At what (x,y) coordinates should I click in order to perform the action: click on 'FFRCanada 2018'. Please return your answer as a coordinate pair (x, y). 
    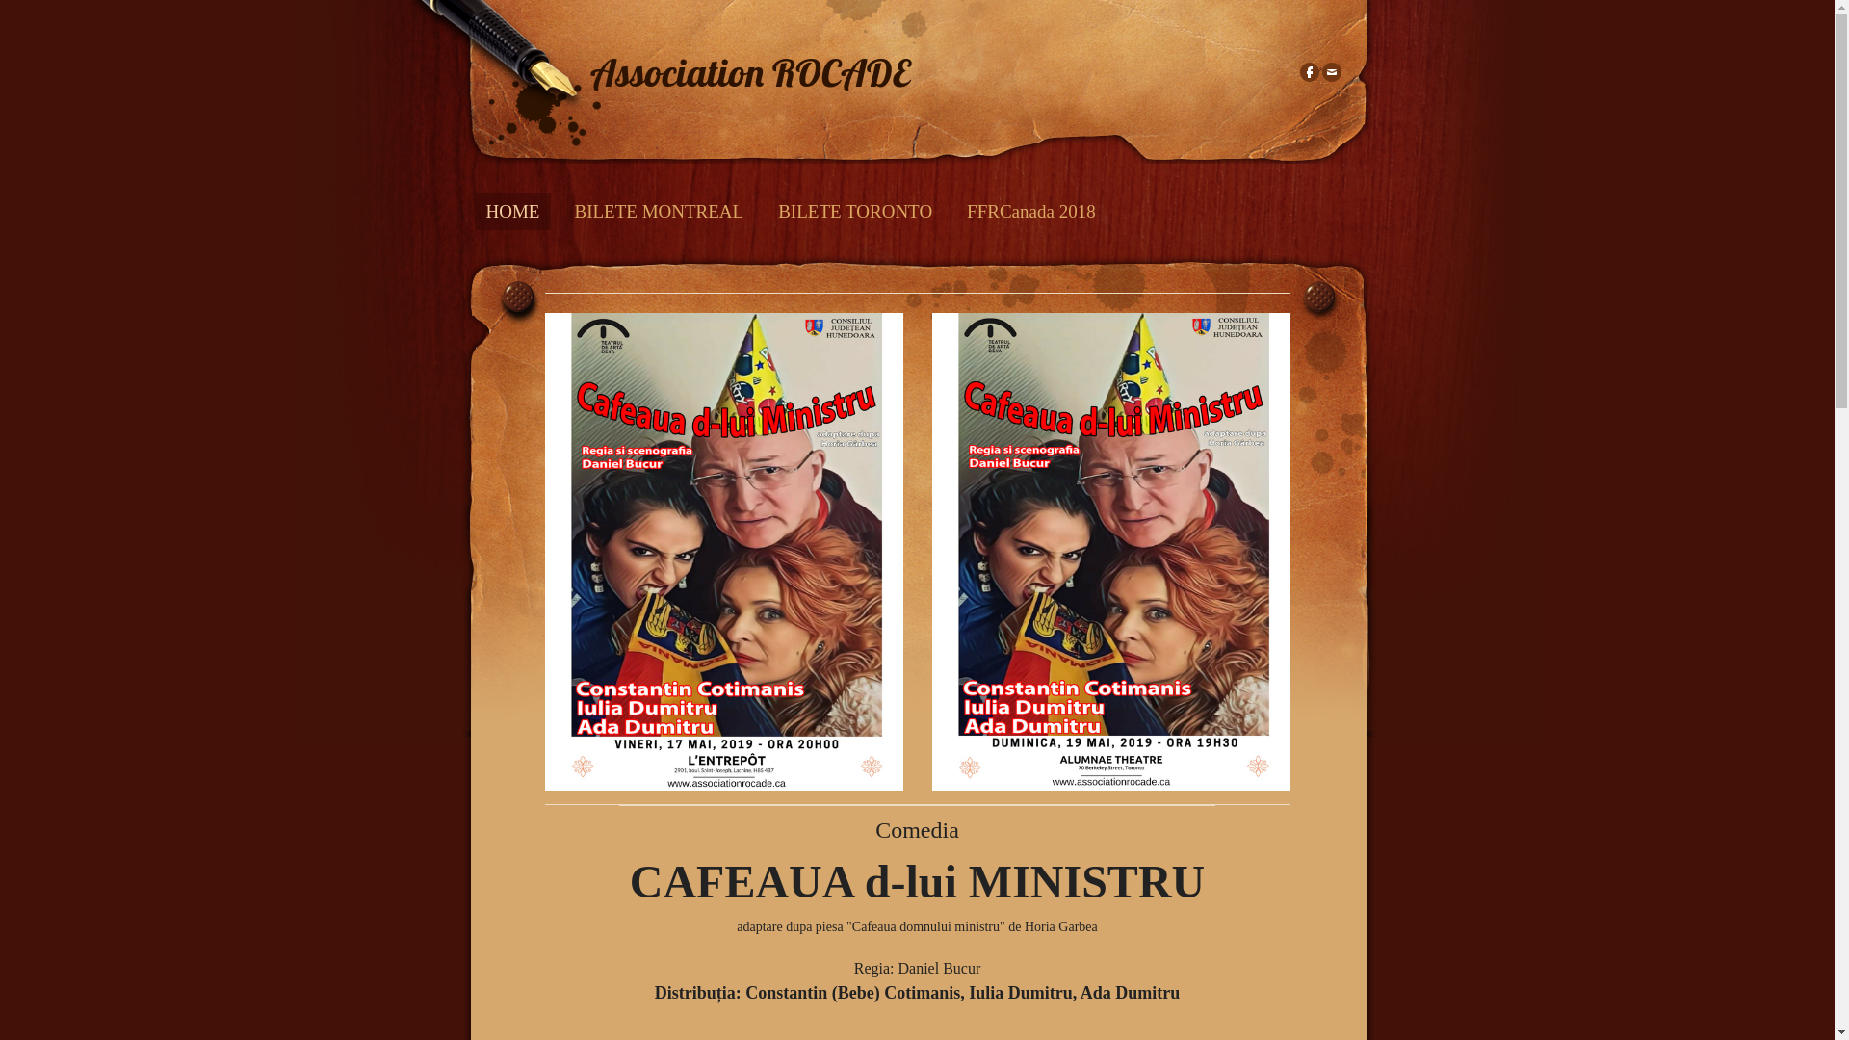
    Looking at the image, I should click on (1029, 211).